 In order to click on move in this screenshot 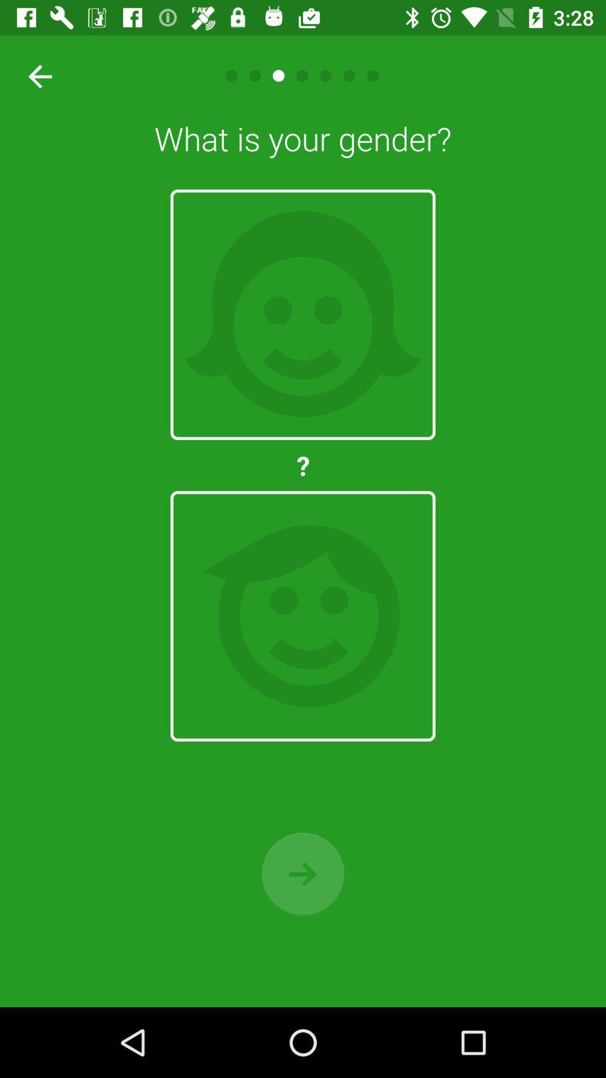, I will do `click(303, 873)`.